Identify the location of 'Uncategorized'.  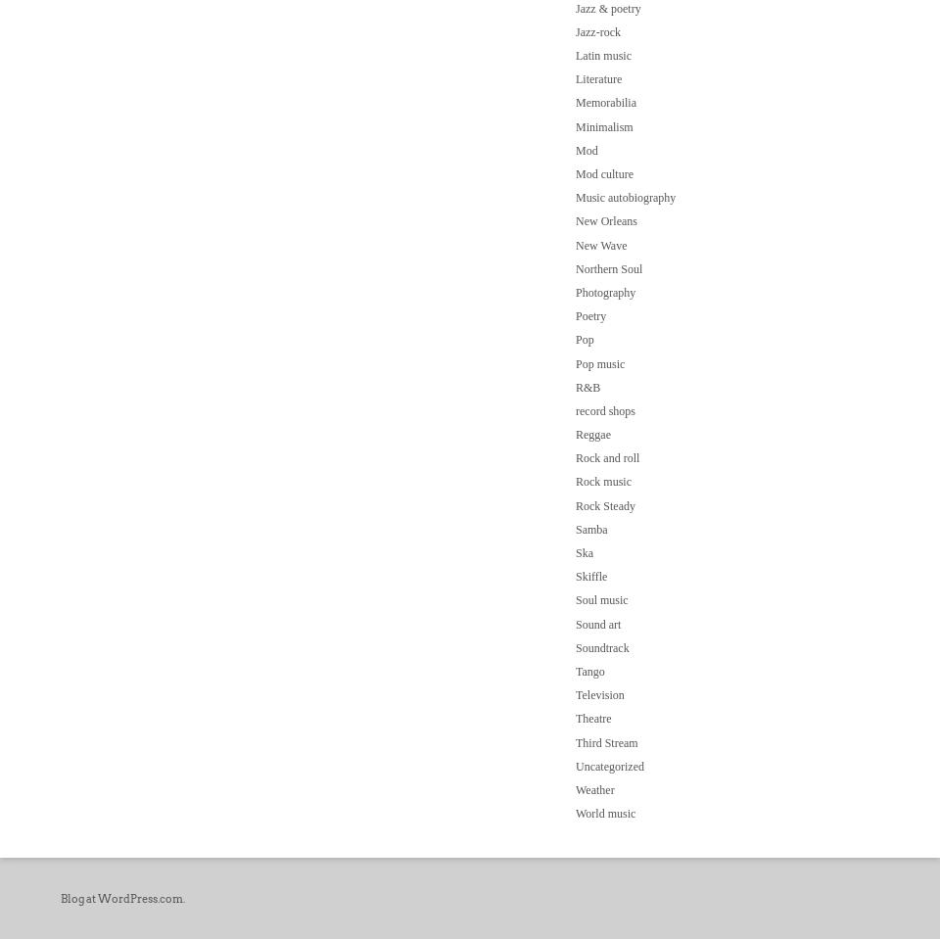
(608, 765).